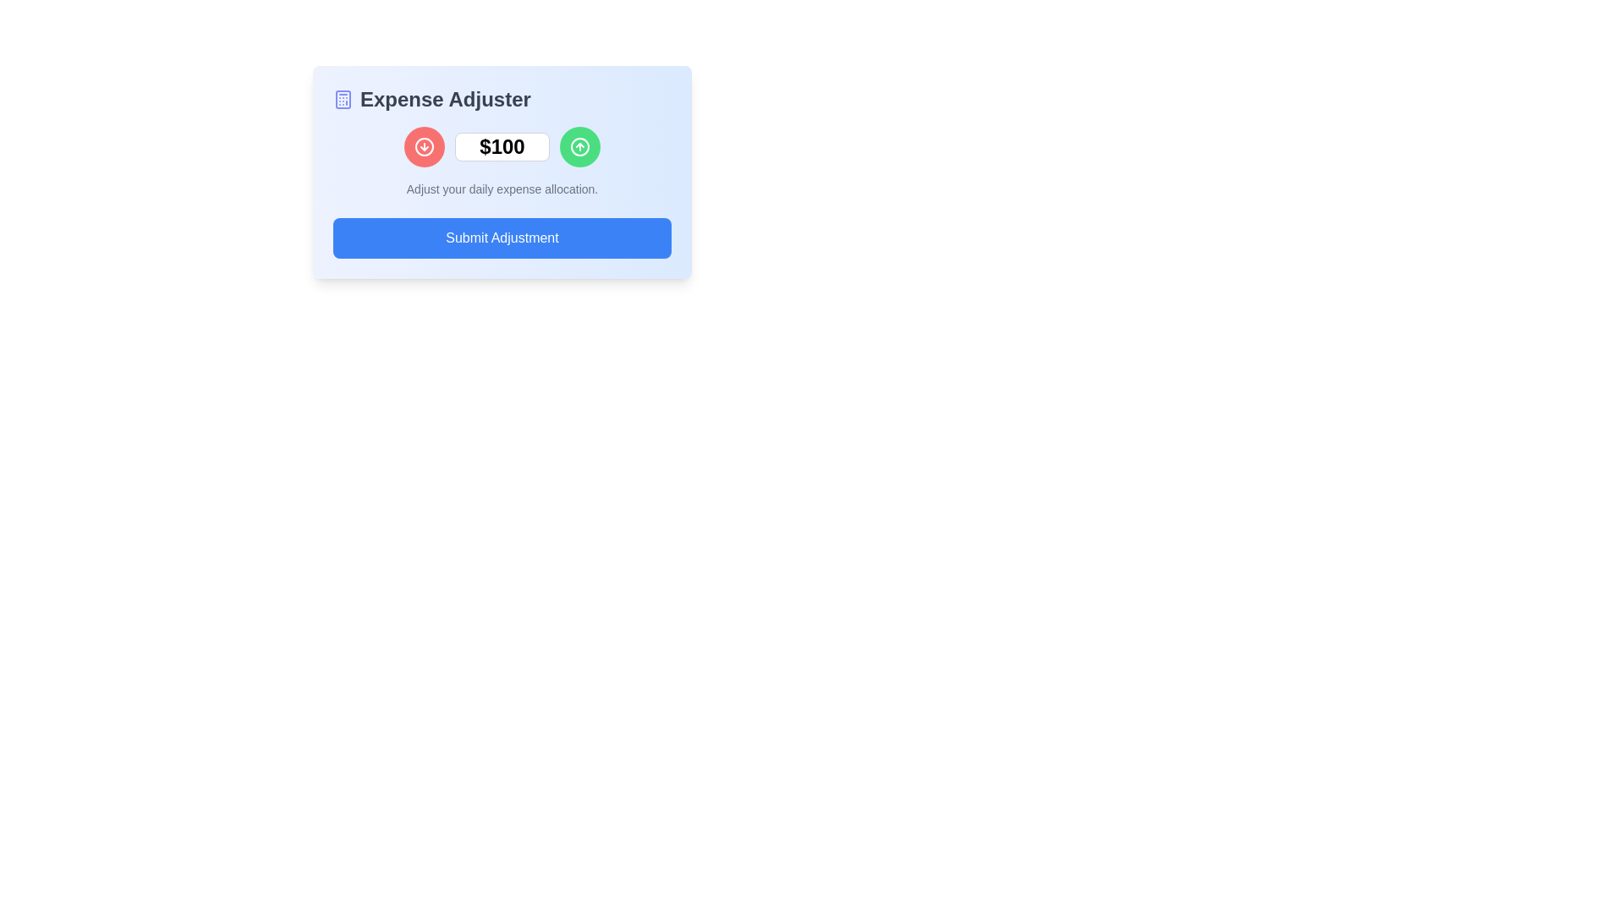  I want to click on the interactive decrement button located to the left of the monetary input field in the Expense Adjuster UI card, so click(425, 145).